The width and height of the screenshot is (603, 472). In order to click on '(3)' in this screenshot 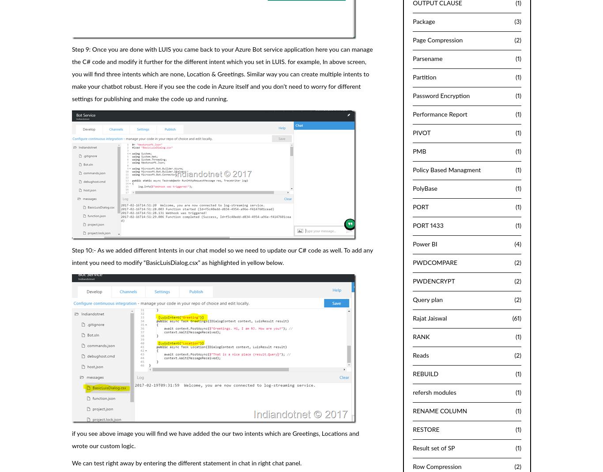, I will do `click(517, 21)`.